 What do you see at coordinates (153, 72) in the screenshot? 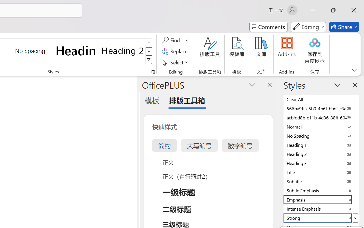
I see `'Styles...'` at bounding box center [153, 72].